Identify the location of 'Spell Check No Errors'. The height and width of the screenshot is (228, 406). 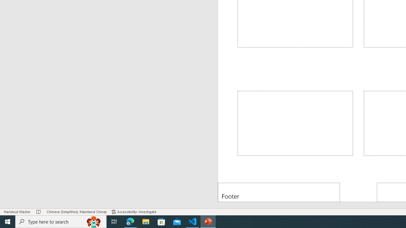
(39, 212).